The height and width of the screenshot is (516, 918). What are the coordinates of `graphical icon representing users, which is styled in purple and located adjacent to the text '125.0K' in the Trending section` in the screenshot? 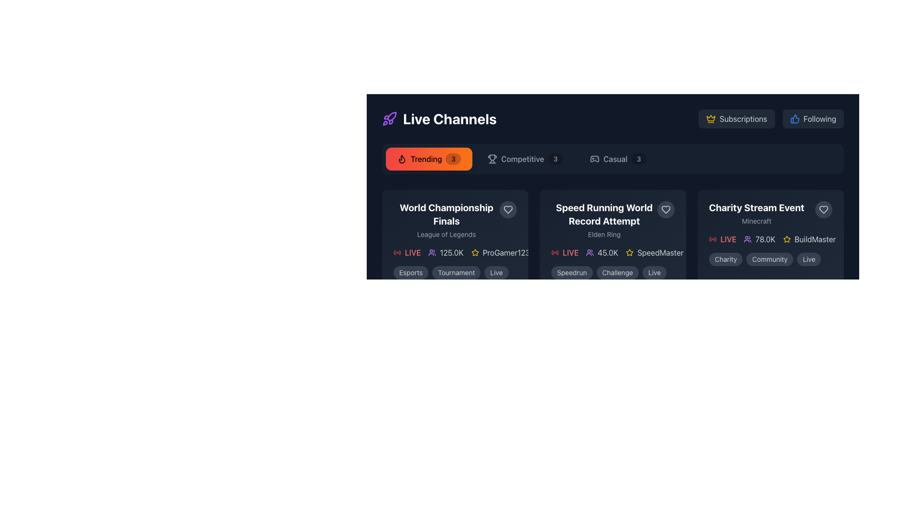 It's located at (432, 252).